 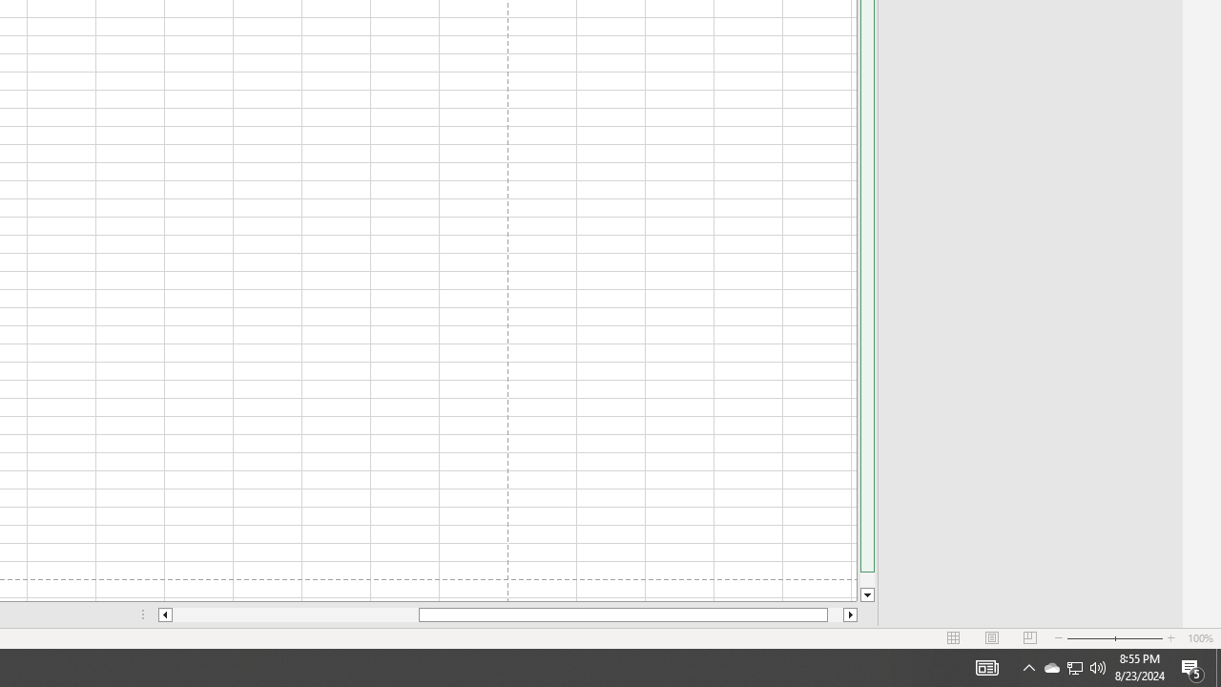 I want to click on 'Line down', so click(x=866, y=594).